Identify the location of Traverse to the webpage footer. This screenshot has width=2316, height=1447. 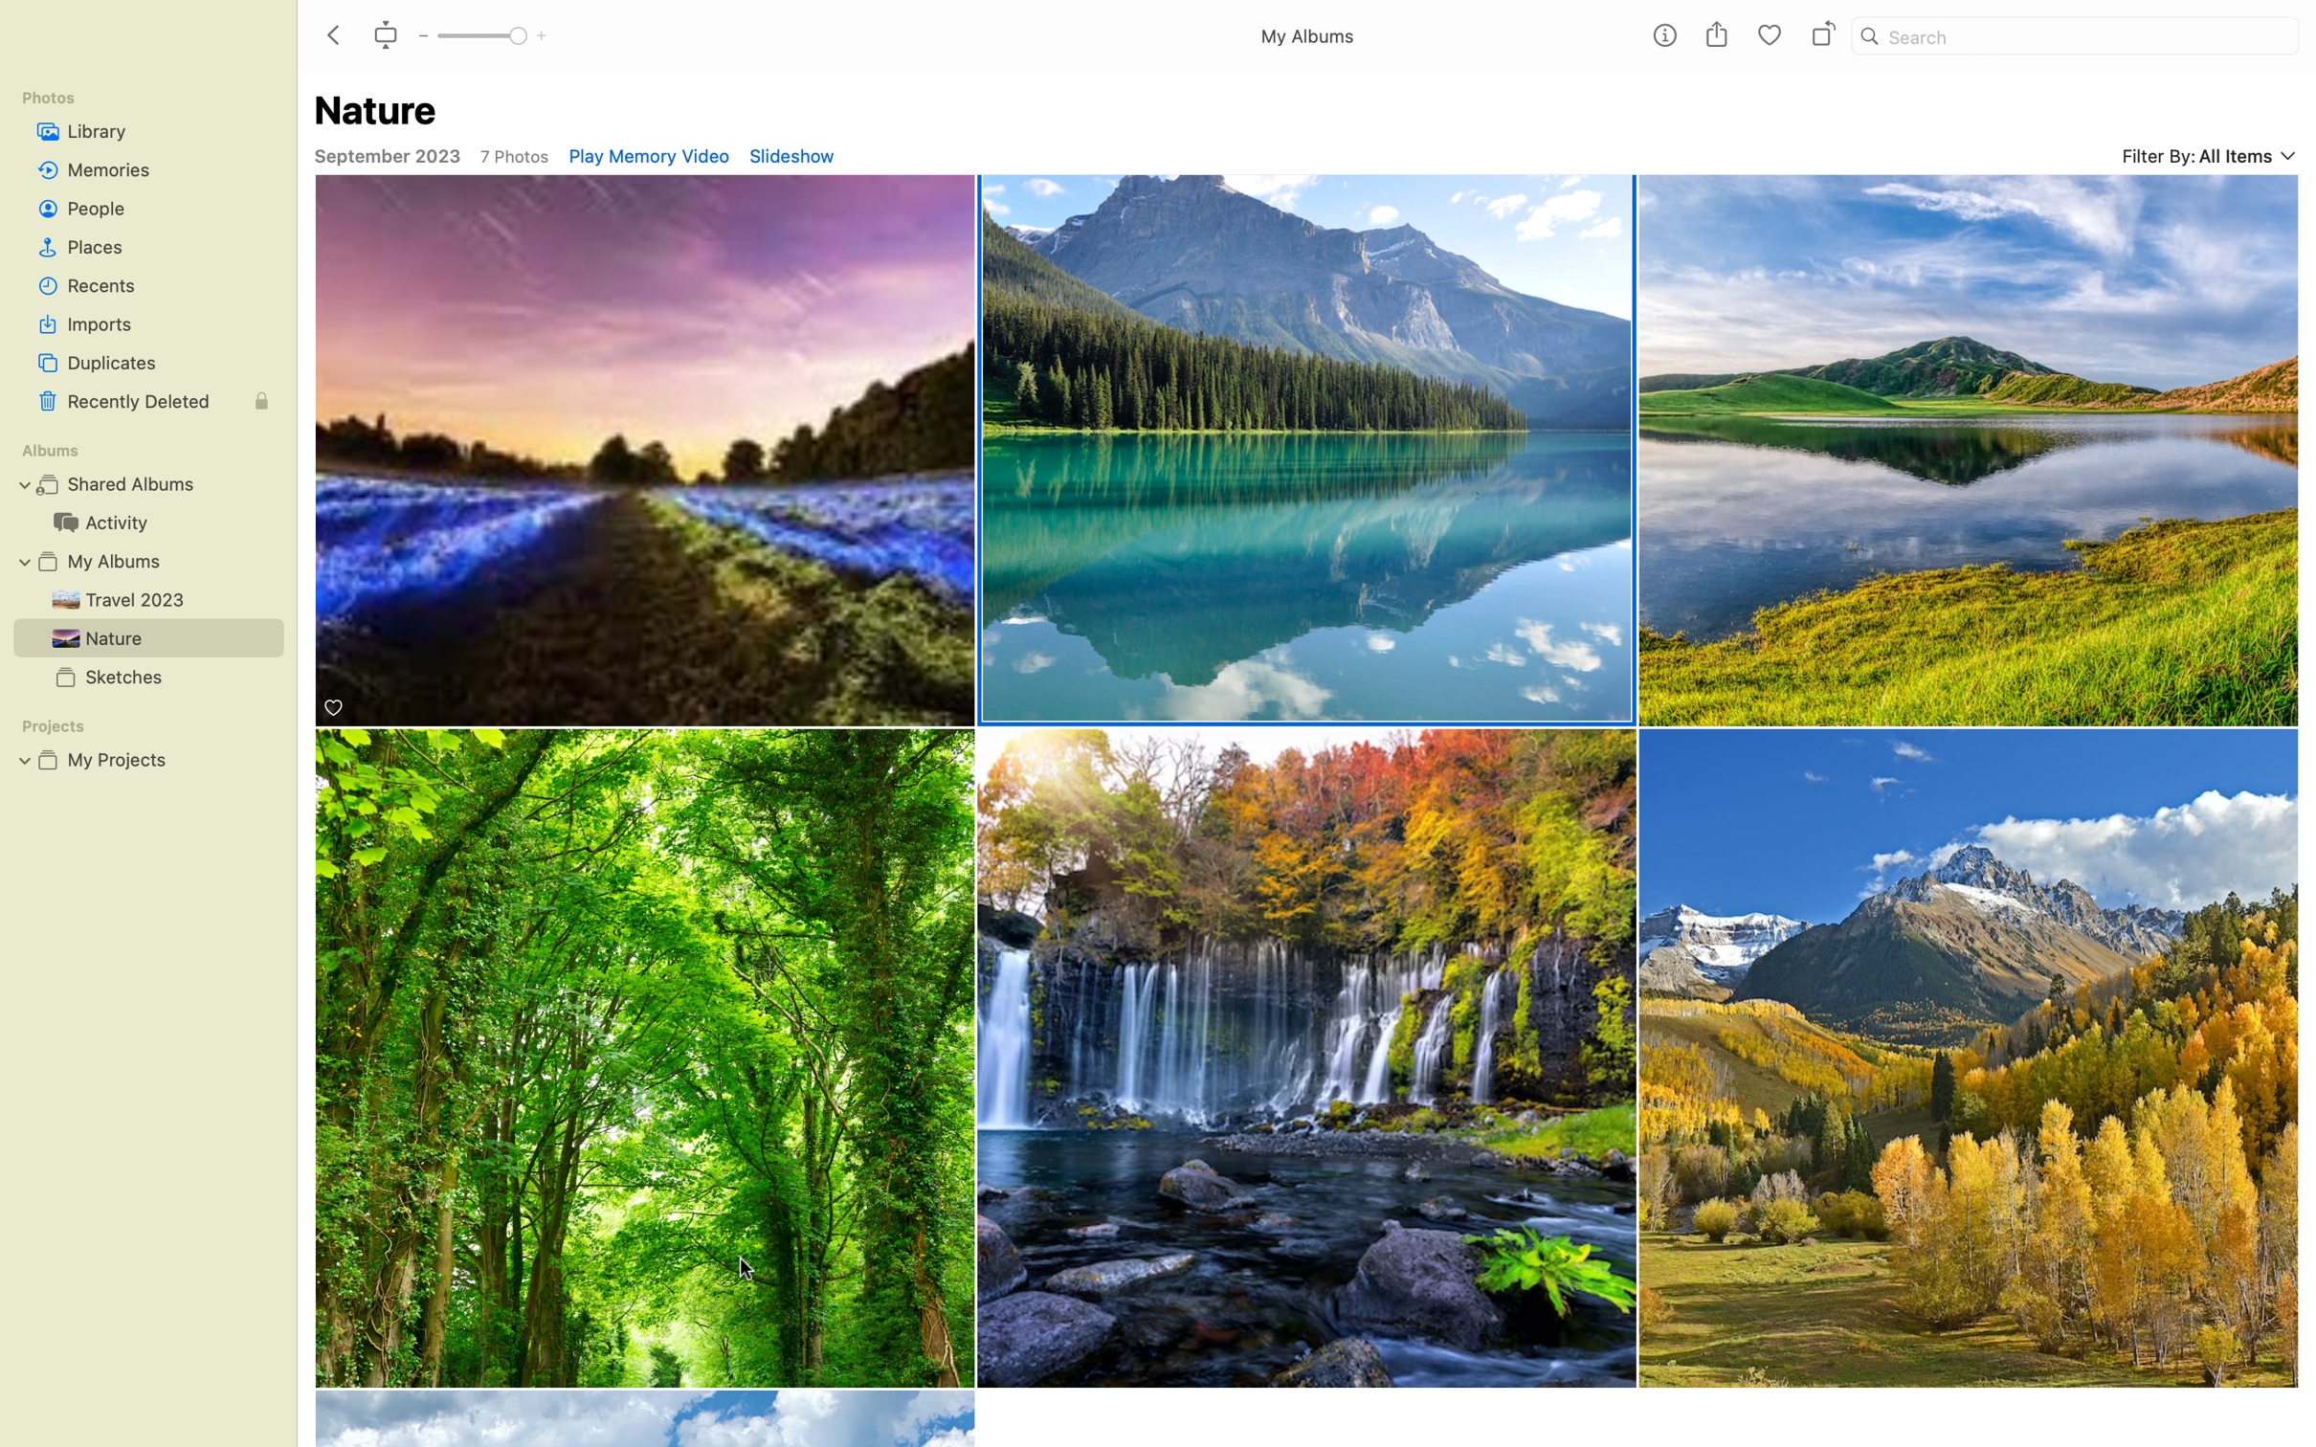
(4398084, 1704566).